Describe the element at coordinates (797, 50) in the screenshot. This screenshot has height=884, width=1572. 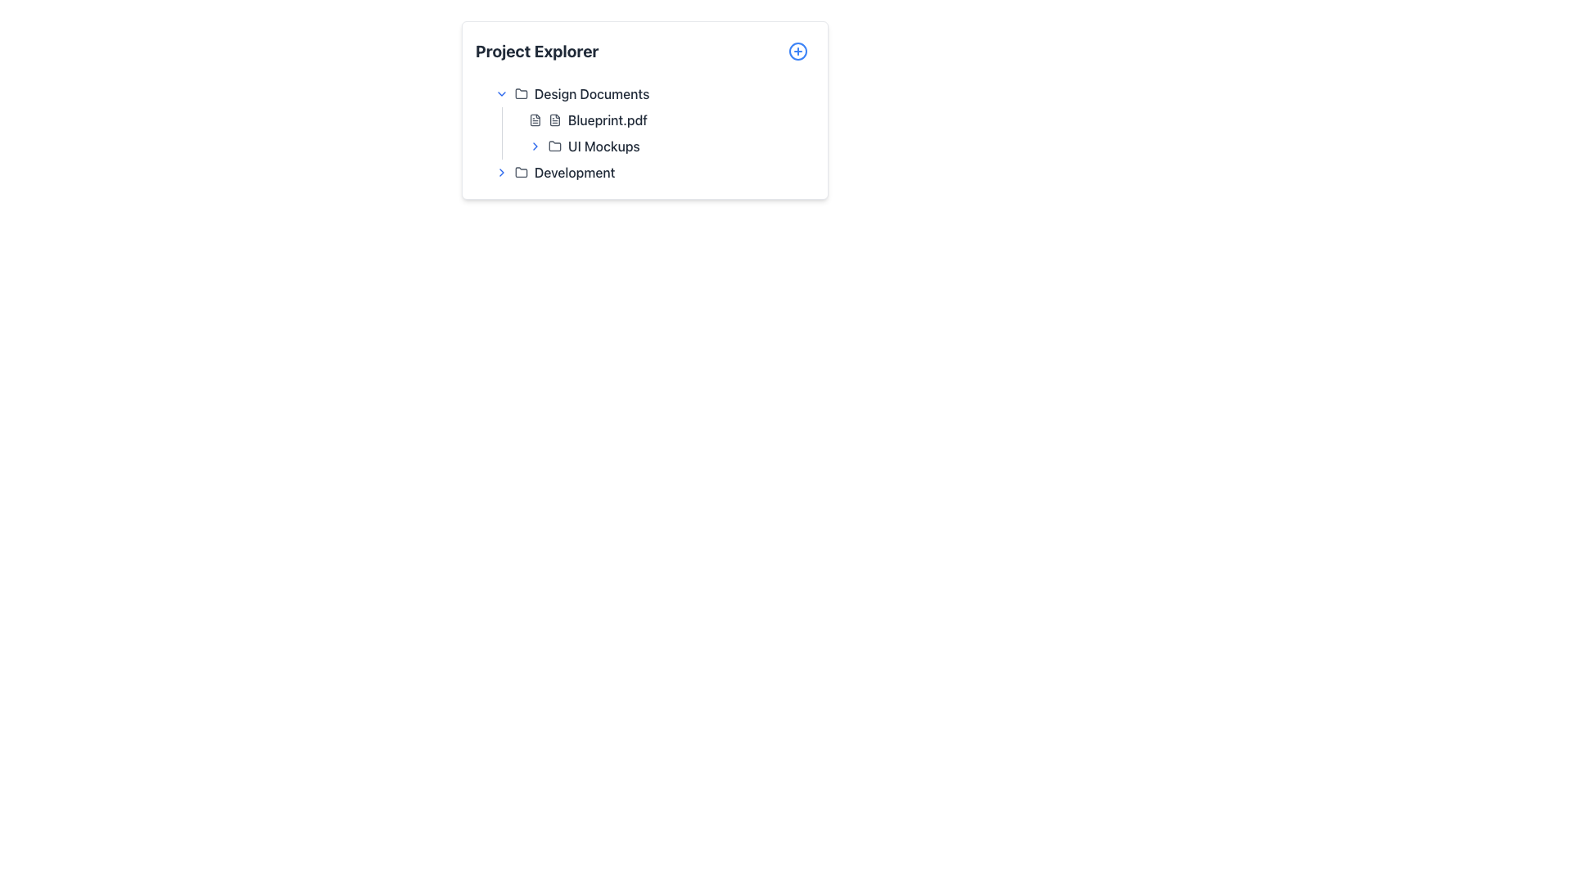
I see `the interactive button located in the top-right corner of the 'Project Explorer' section` at that location.